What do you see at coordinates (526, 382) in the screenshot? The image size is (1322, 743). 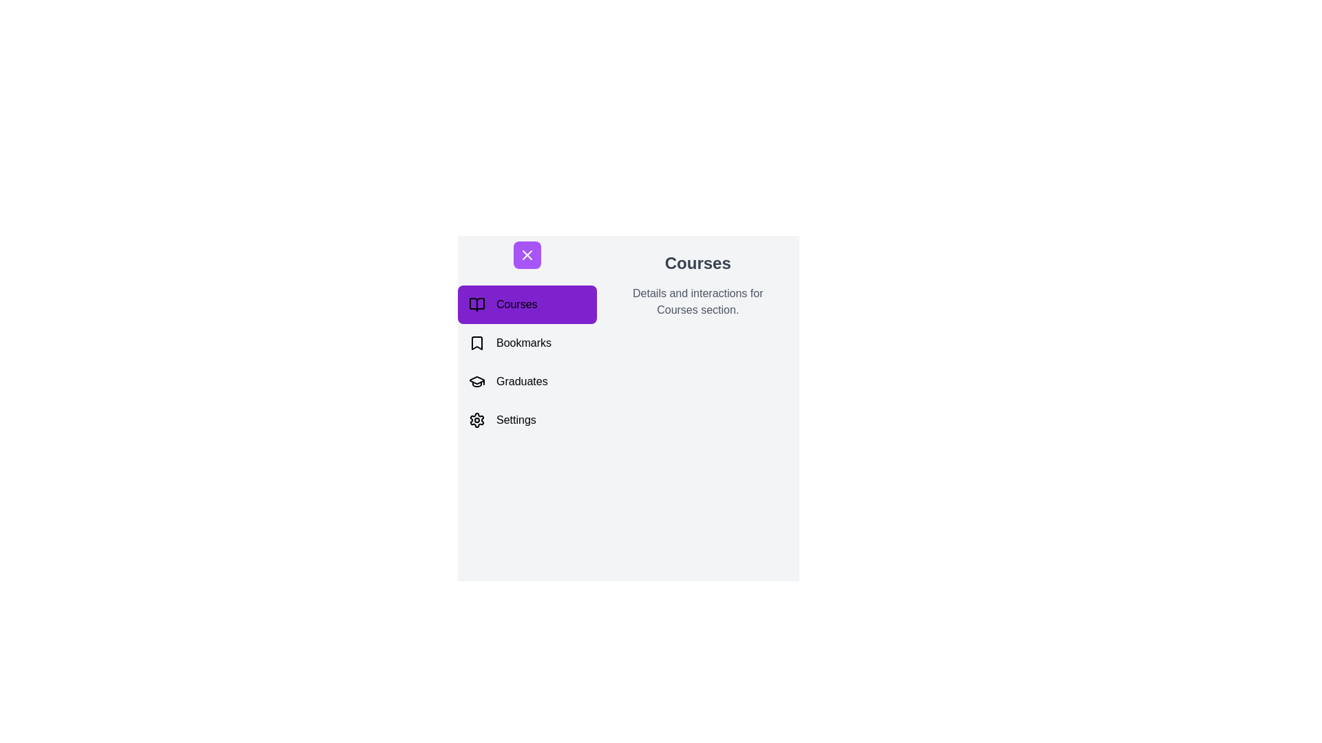 I see `the navigation item Graduates to preview its action` at bounding box center [526, 382].